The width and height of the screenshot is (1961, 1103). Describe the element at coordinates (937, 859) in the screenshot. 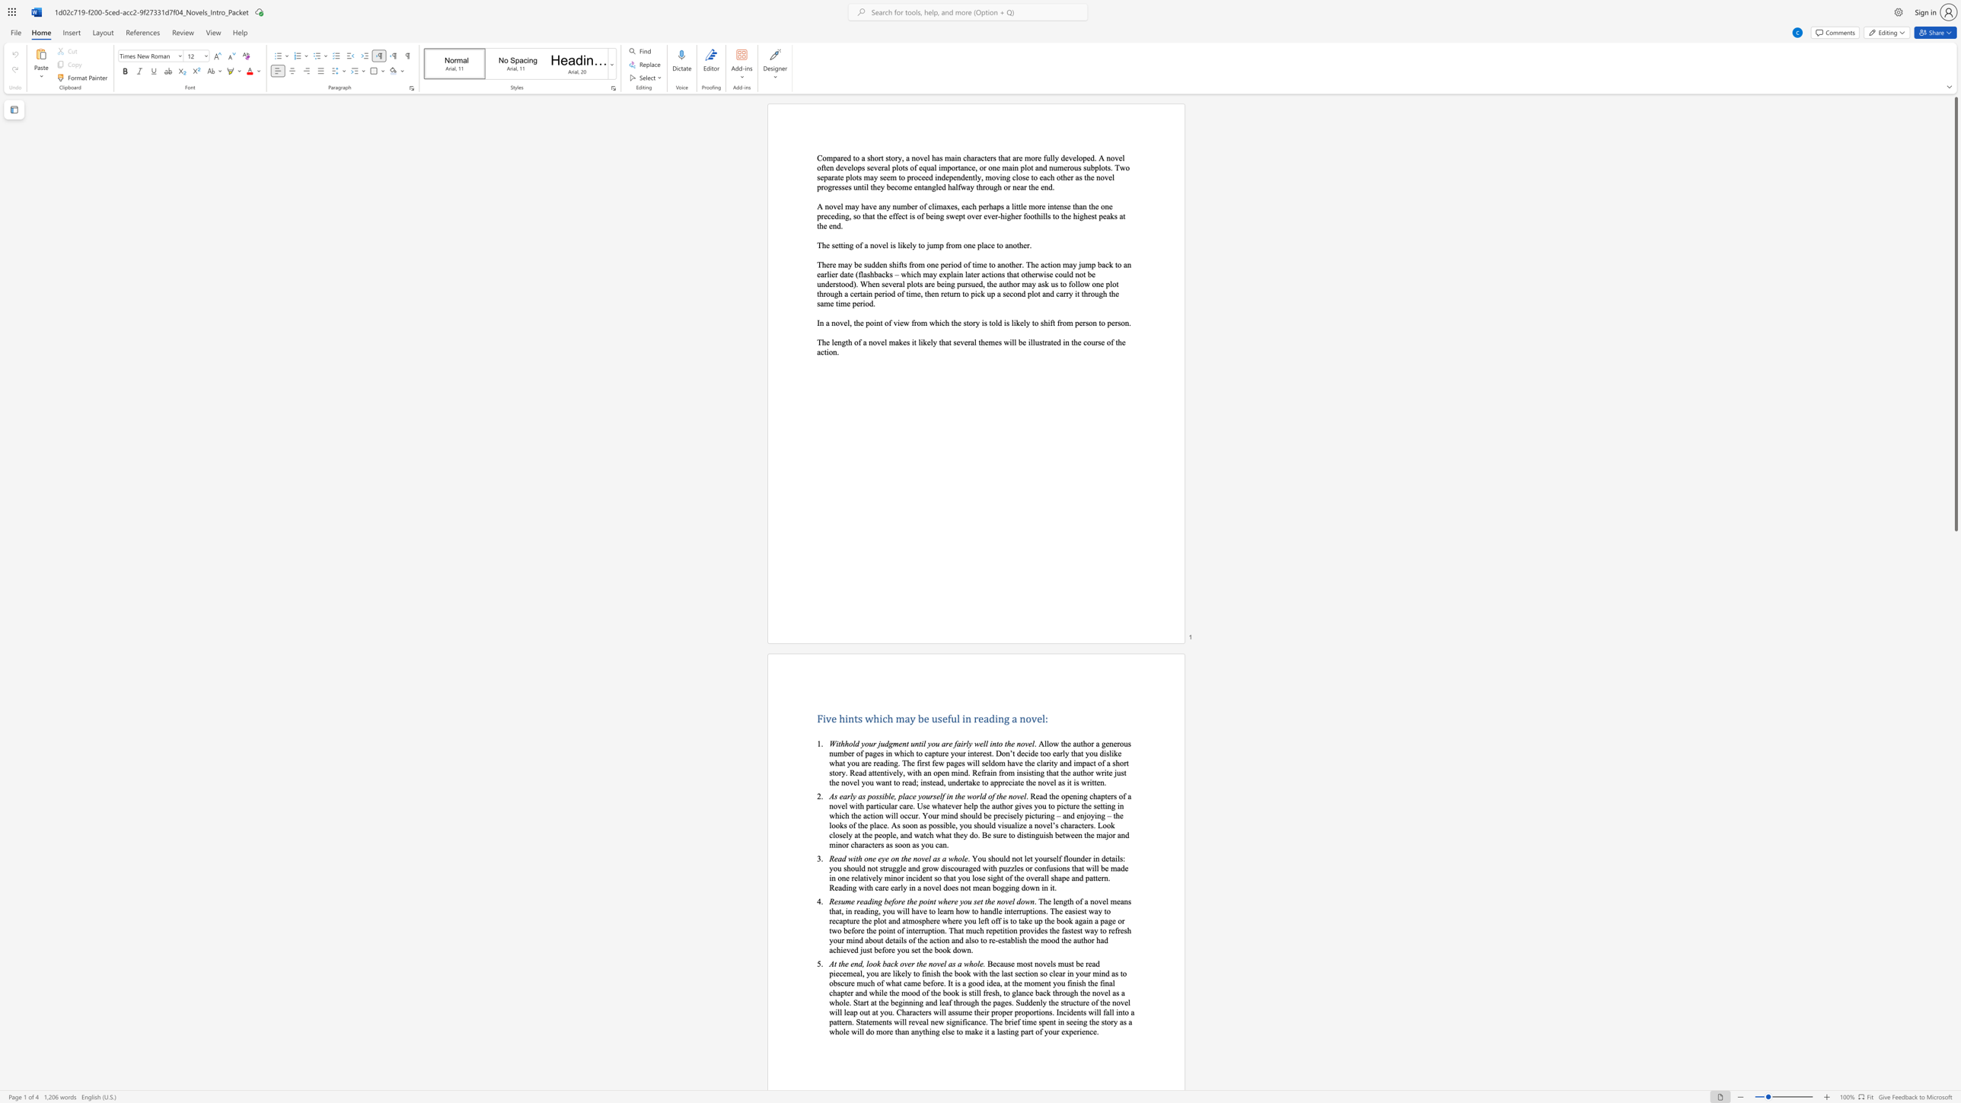

I see `the subset text "s a whole" within the text "Read with one eye on the novel as a whole"` at that location.